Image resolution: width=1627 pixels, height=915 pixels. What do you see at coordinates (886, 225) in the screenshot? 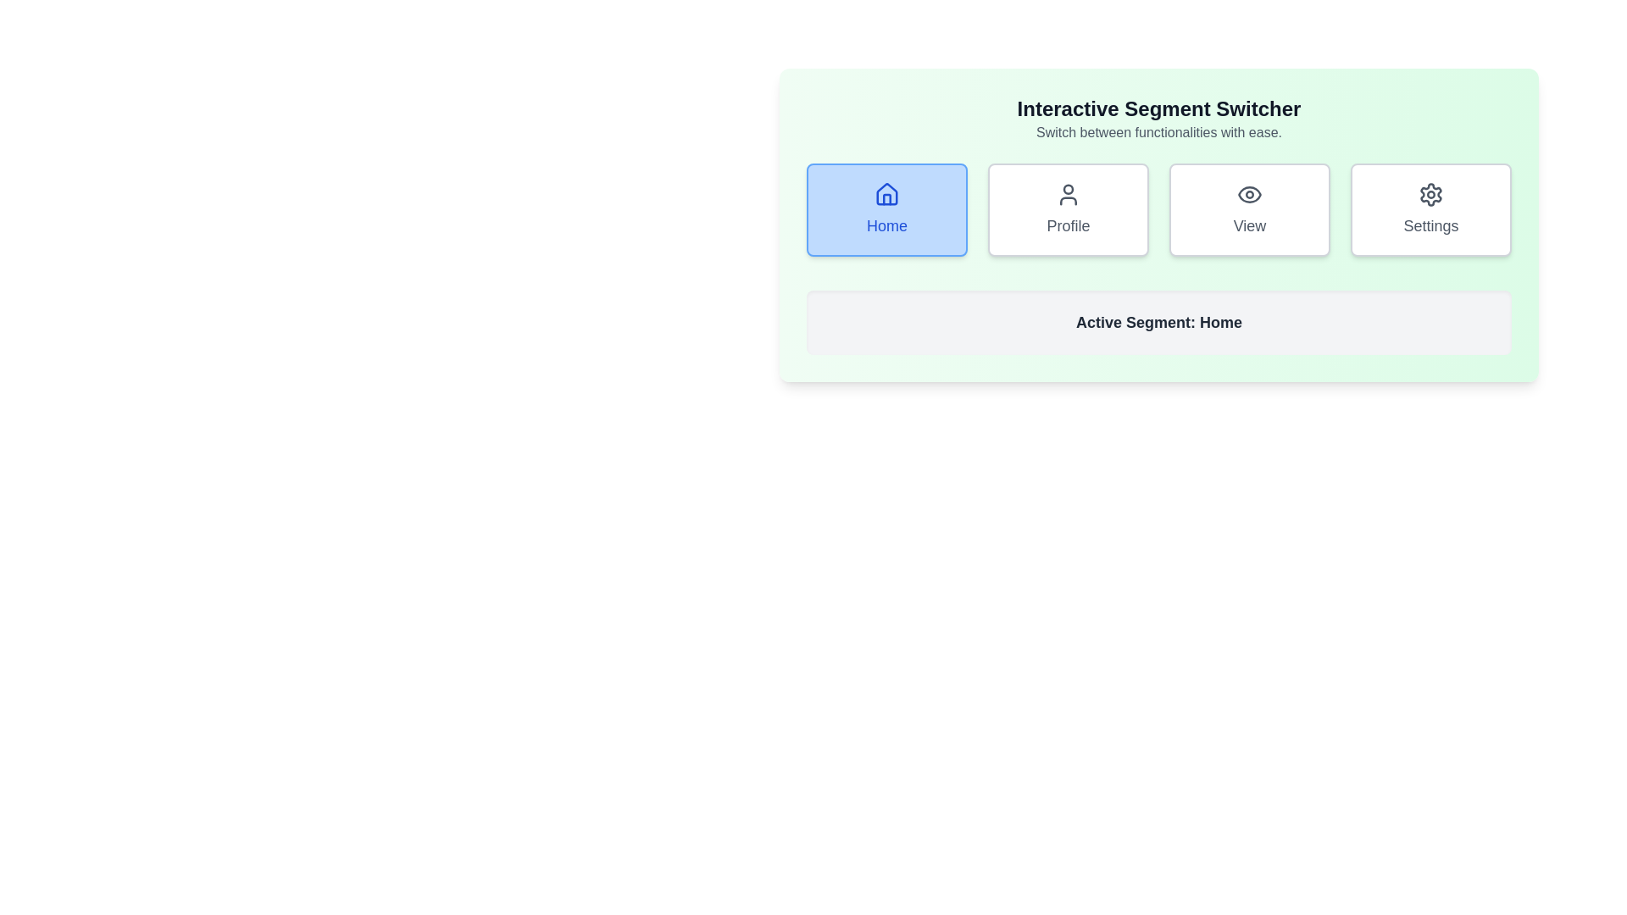
I see `the button containing the 'Home' text label, which is styled with blue font and located in the top-left of the interface below a house icon` at bounding box center [886, 225].